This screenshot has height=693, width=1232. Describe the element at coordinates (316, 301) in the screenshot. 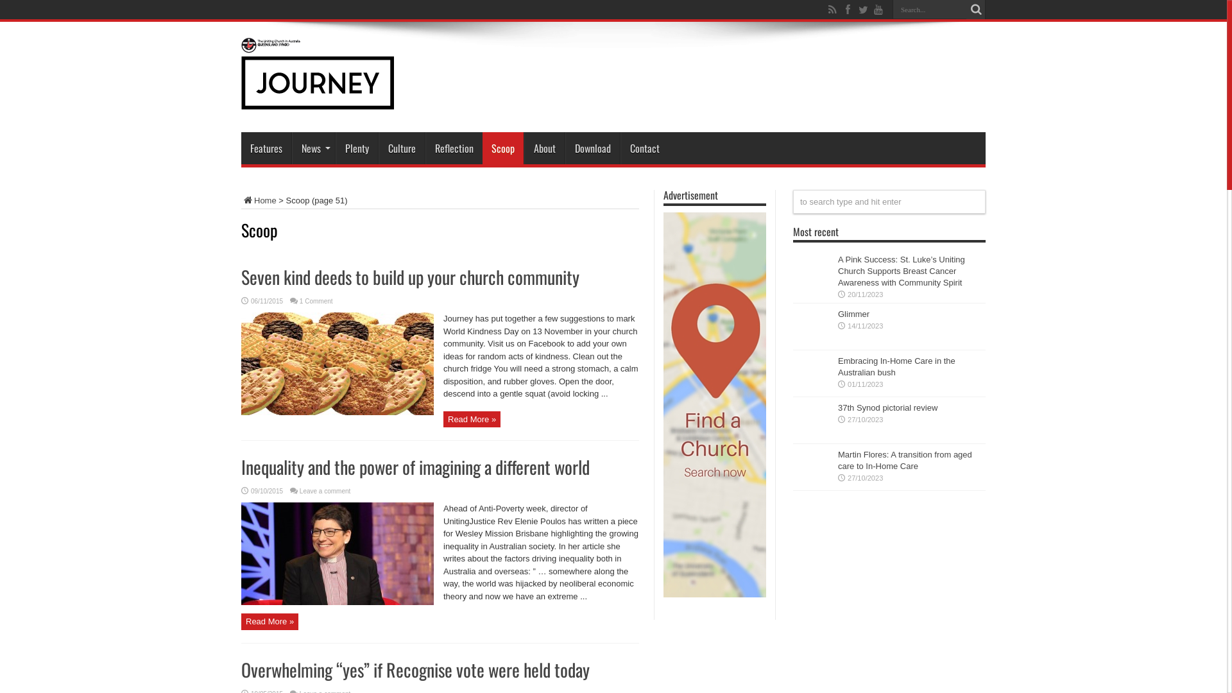

I see `'1 Comment'` at that location.